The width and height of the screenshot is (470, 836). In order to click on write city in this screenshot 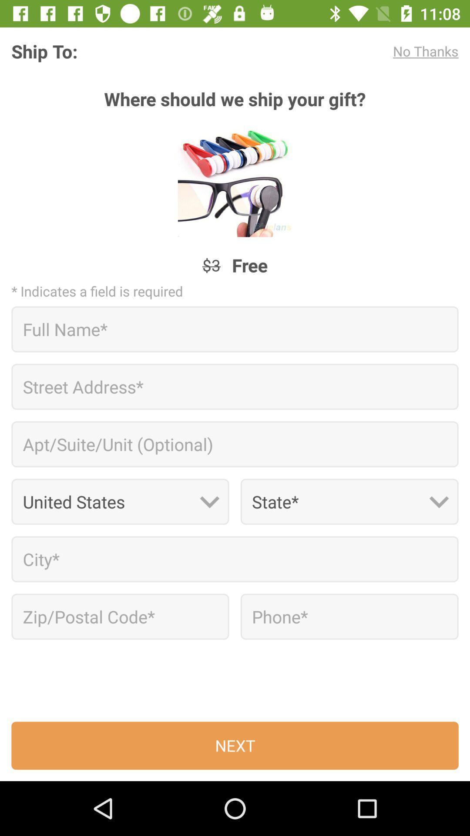, I will do `click(235, 559)`.